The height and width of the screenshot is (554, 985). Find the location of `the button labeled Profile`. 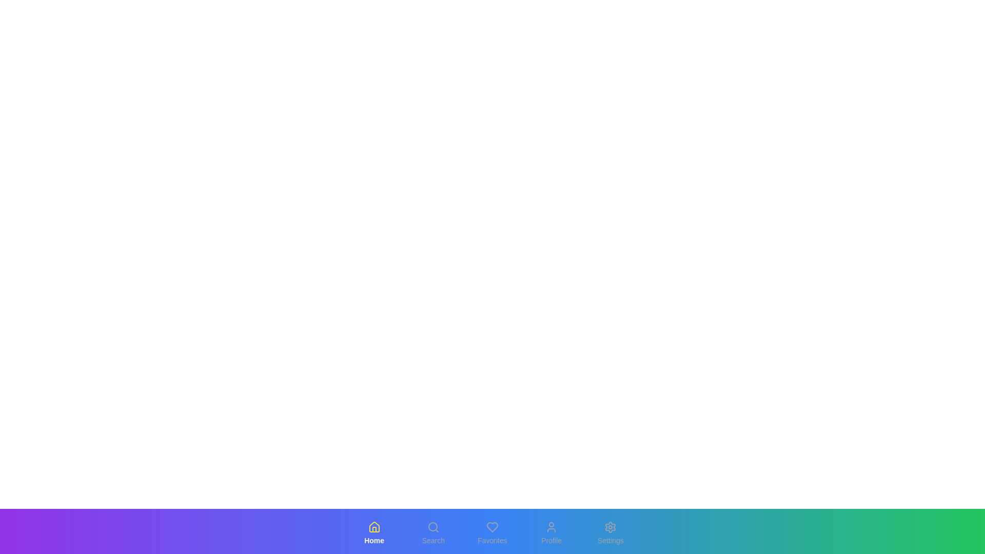

the button labeled Profile is located at coordinates (551, 533).